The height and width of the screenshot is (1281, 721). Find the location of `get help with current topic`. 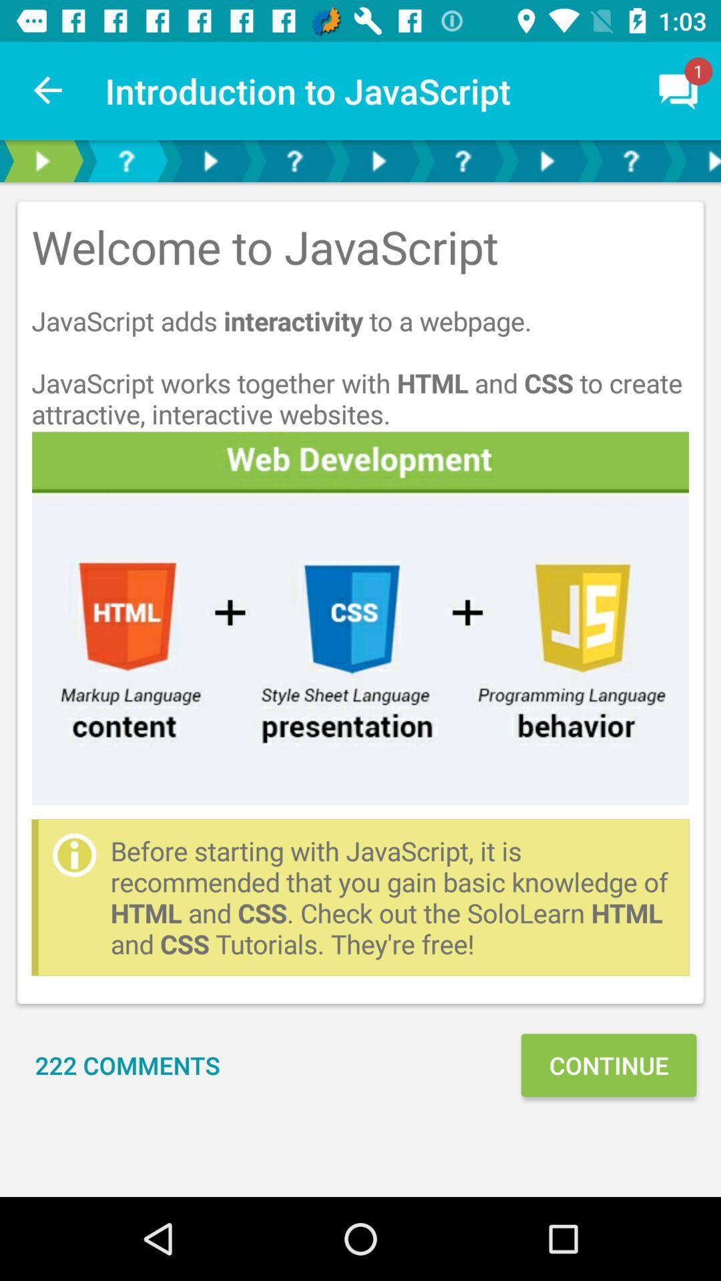

get help with current topic is located at coordinates (462, 160).